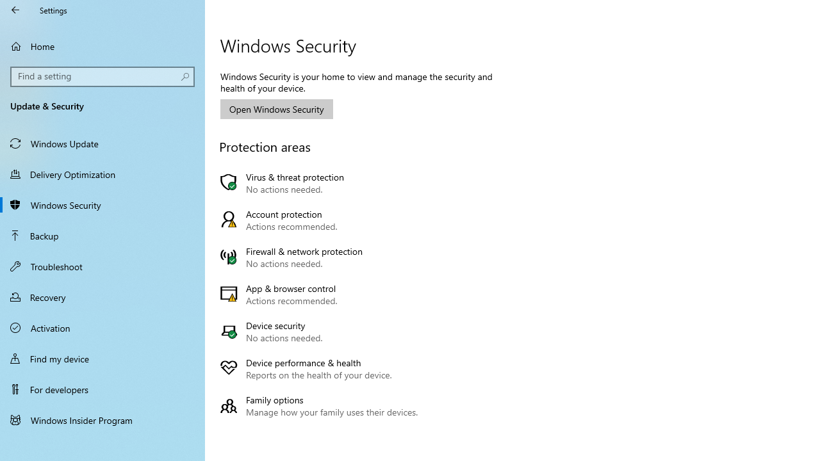 The height and width of the screenshot is (461, 820). Describe the element at coordinates (276, 108) in the screenshot. I see `'Open Windows Security'` at that location.